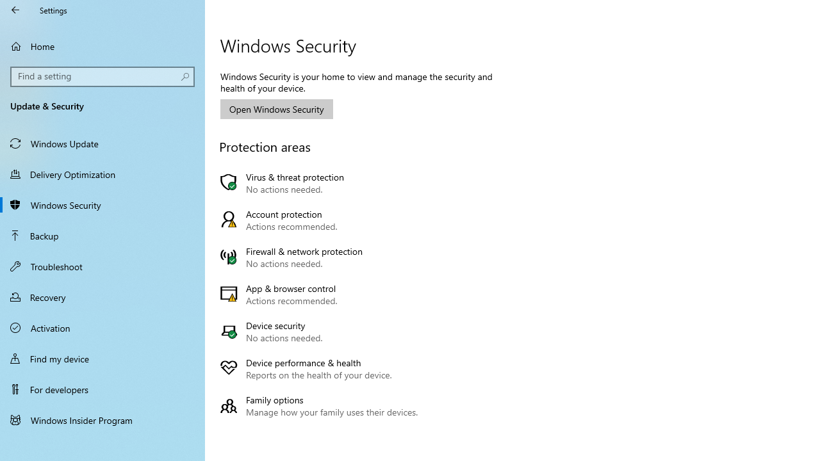 The height and width of the screenshot is (461, 820). Describe the element at coordinates (276, 108) in the screenshot. I see `'Open Windows Security'` at that location.